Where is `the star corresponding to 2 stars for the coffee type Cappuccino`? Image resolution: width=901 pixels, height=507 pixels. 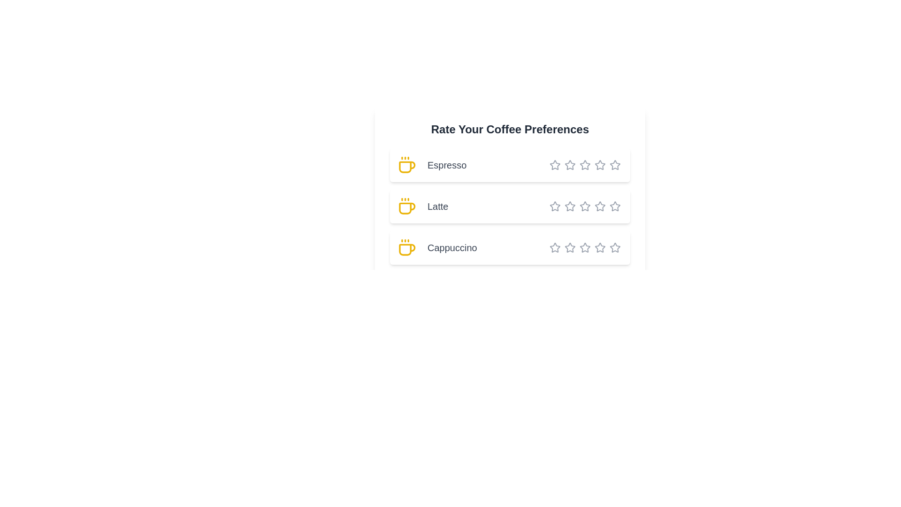
the star corresponding to 2 stars for the coffee type Cappuccino is located at coordinates (564, 247).